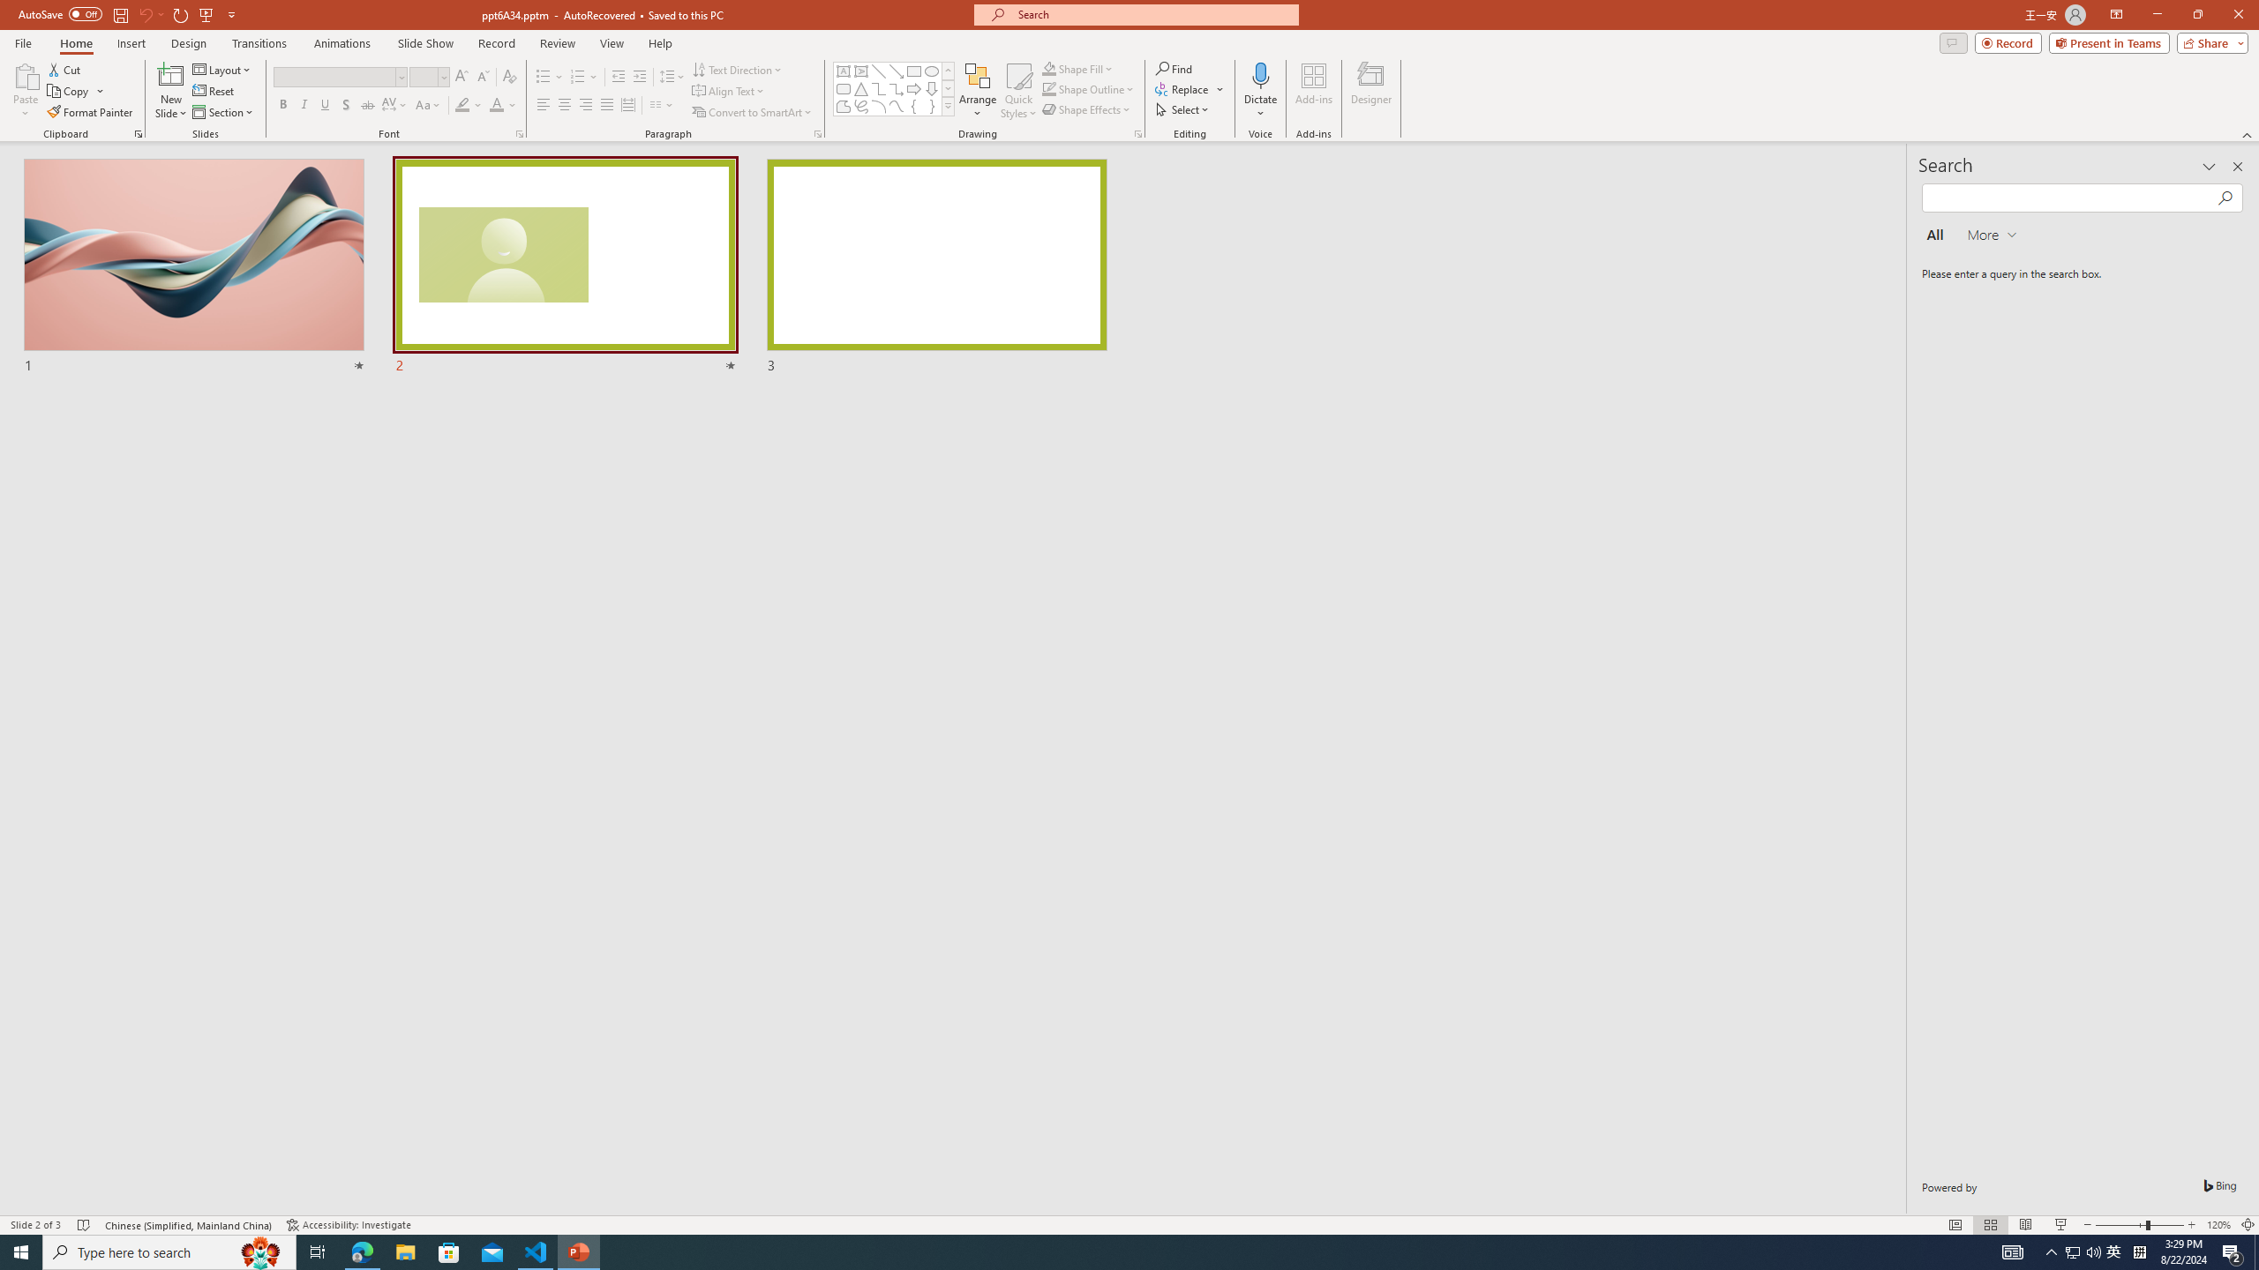  What do you see at coordinates (1086, 108) in the screenshot?
I see `'Shape Effects'` at bounding box center [1086, 108].